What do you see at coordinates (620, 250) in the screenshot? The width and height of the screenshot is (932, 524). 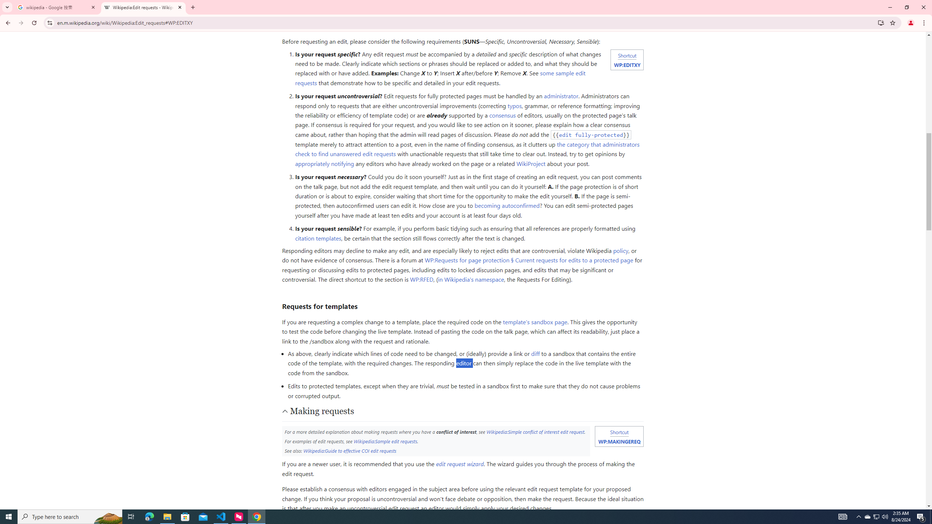 I see `'policy'` at bounding box center [620, 250].